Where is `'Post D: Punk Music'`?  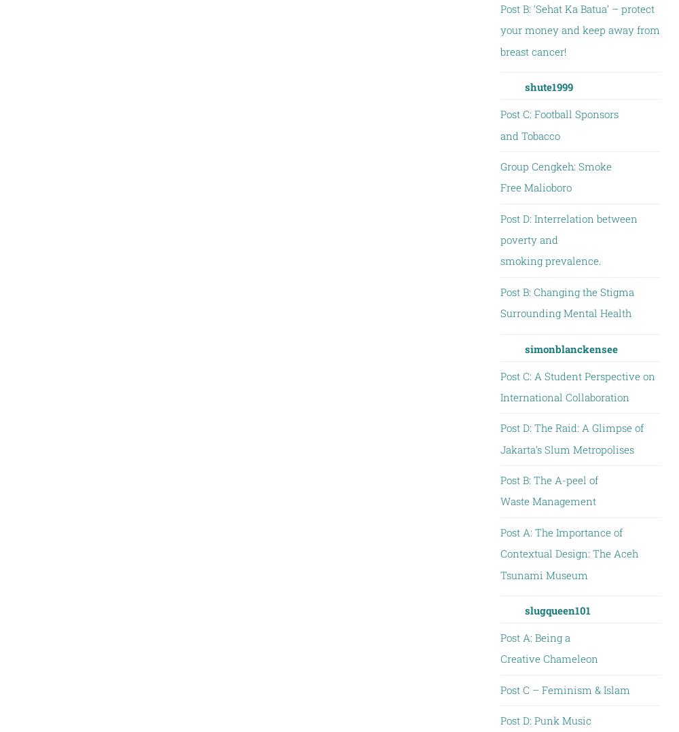 'Post D: Punk Music' is located at coordinates (545, 720).